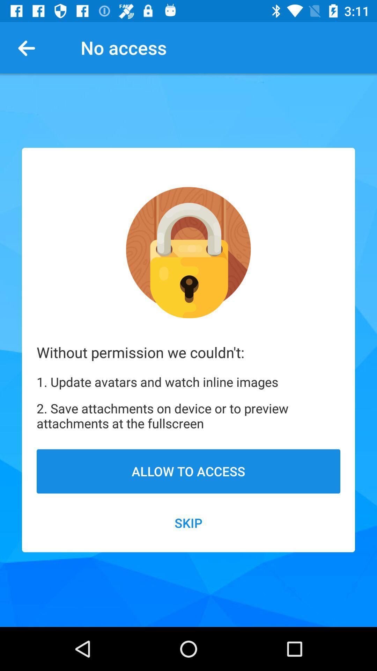 The width and height of the screenshot is (377, 671). What do you see at coordinates (188, 471) in the screenshot?
I see `allow to access` at bounding box center [188, 471].